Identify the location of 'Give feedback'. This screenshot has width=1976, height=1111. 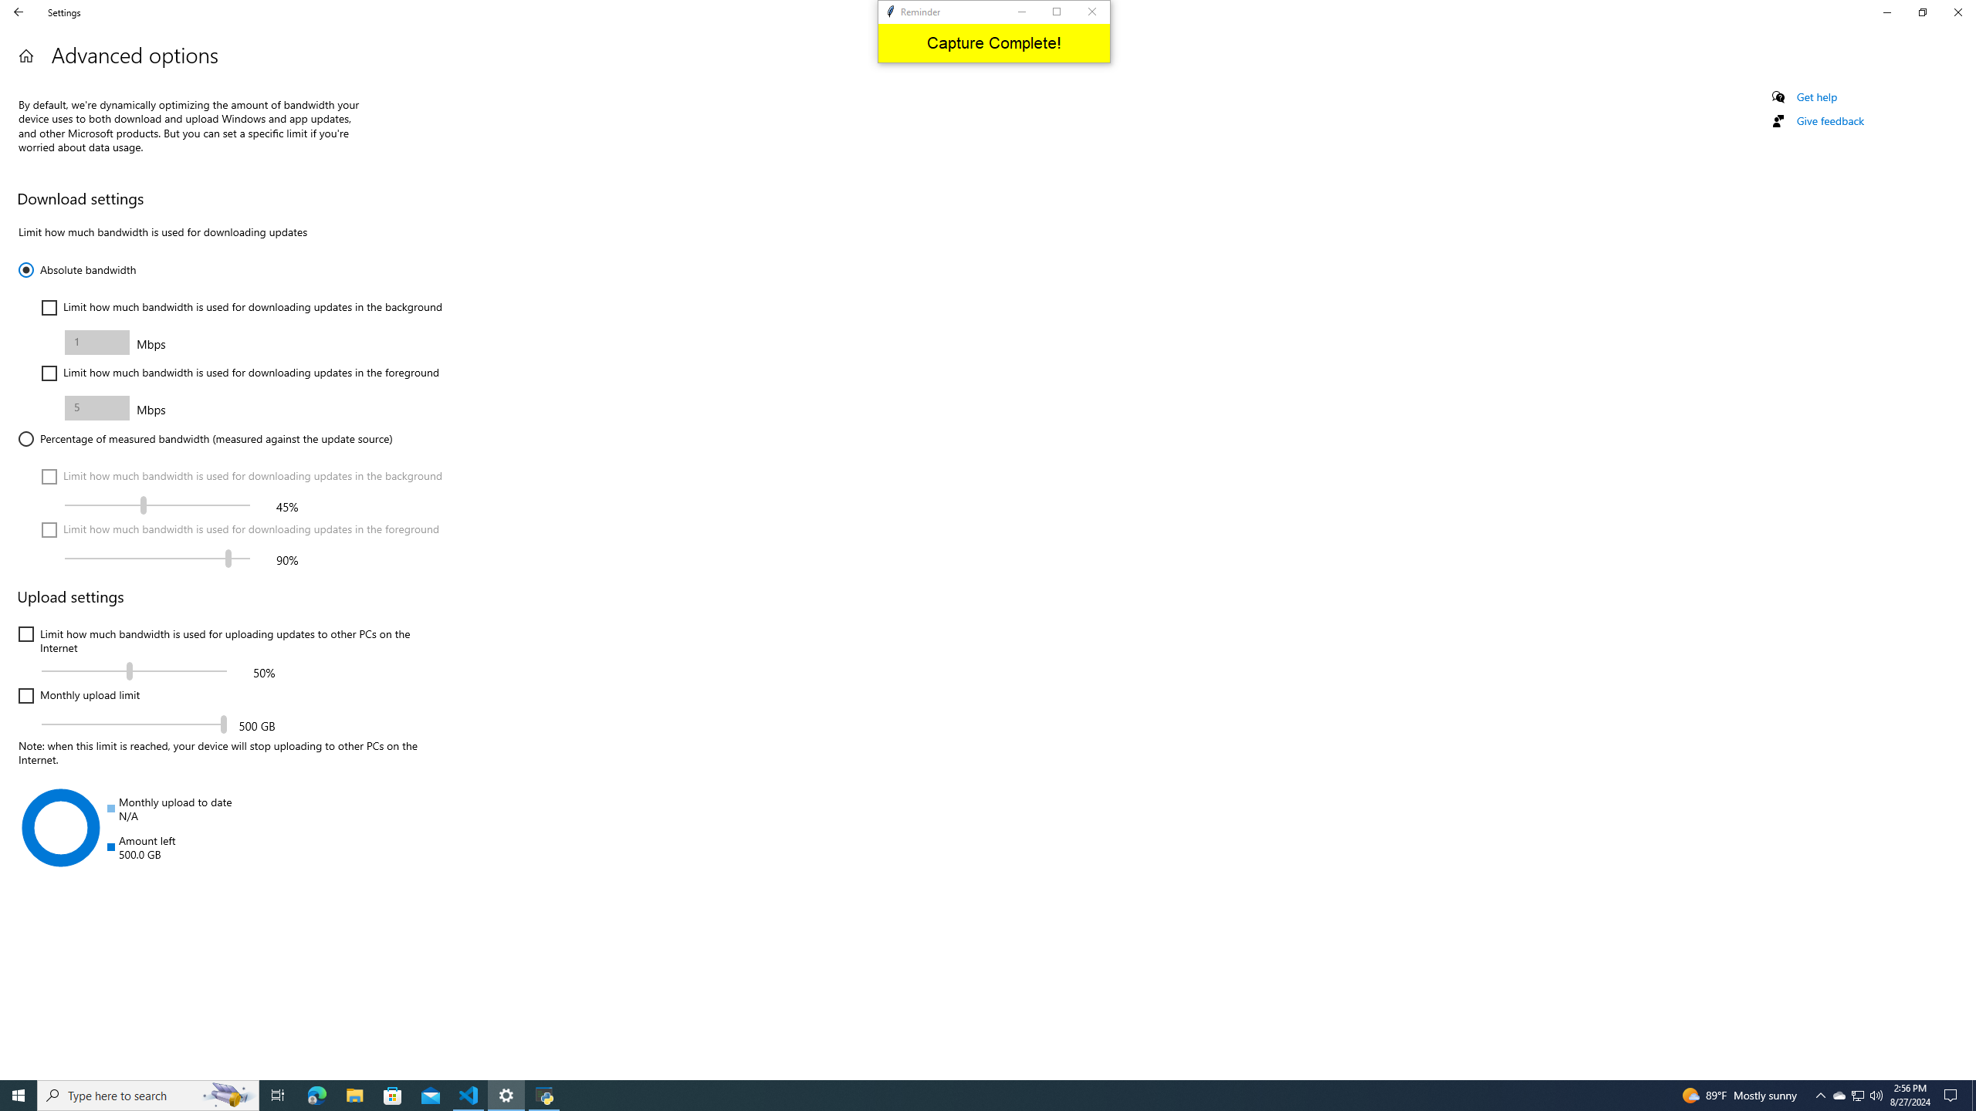
(1829, 120).